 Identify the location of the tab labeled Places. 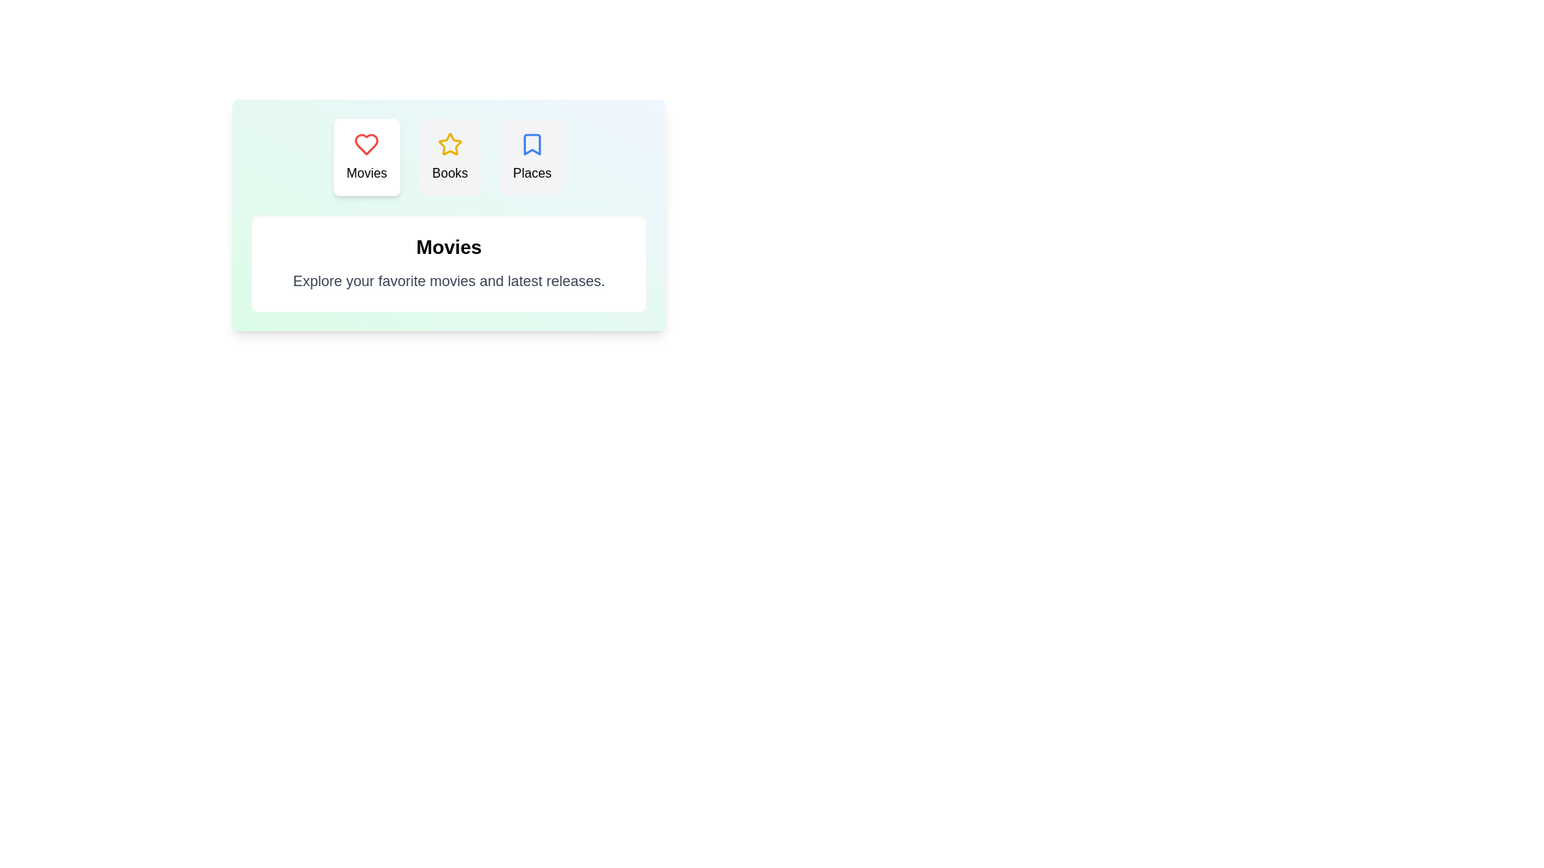
(532, 158).